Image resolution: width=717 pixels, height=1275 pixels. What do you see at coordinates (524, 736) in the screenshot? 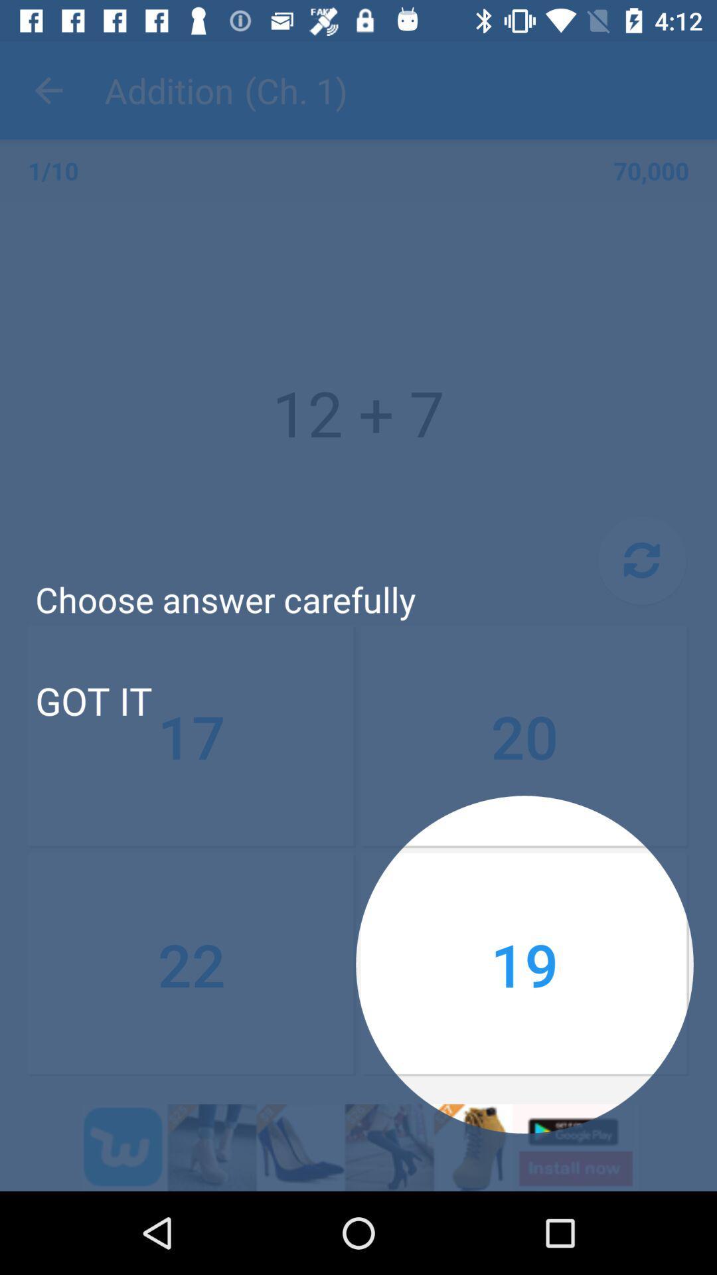
I see `the icon above 22 item` at bounding box center [524, 736].